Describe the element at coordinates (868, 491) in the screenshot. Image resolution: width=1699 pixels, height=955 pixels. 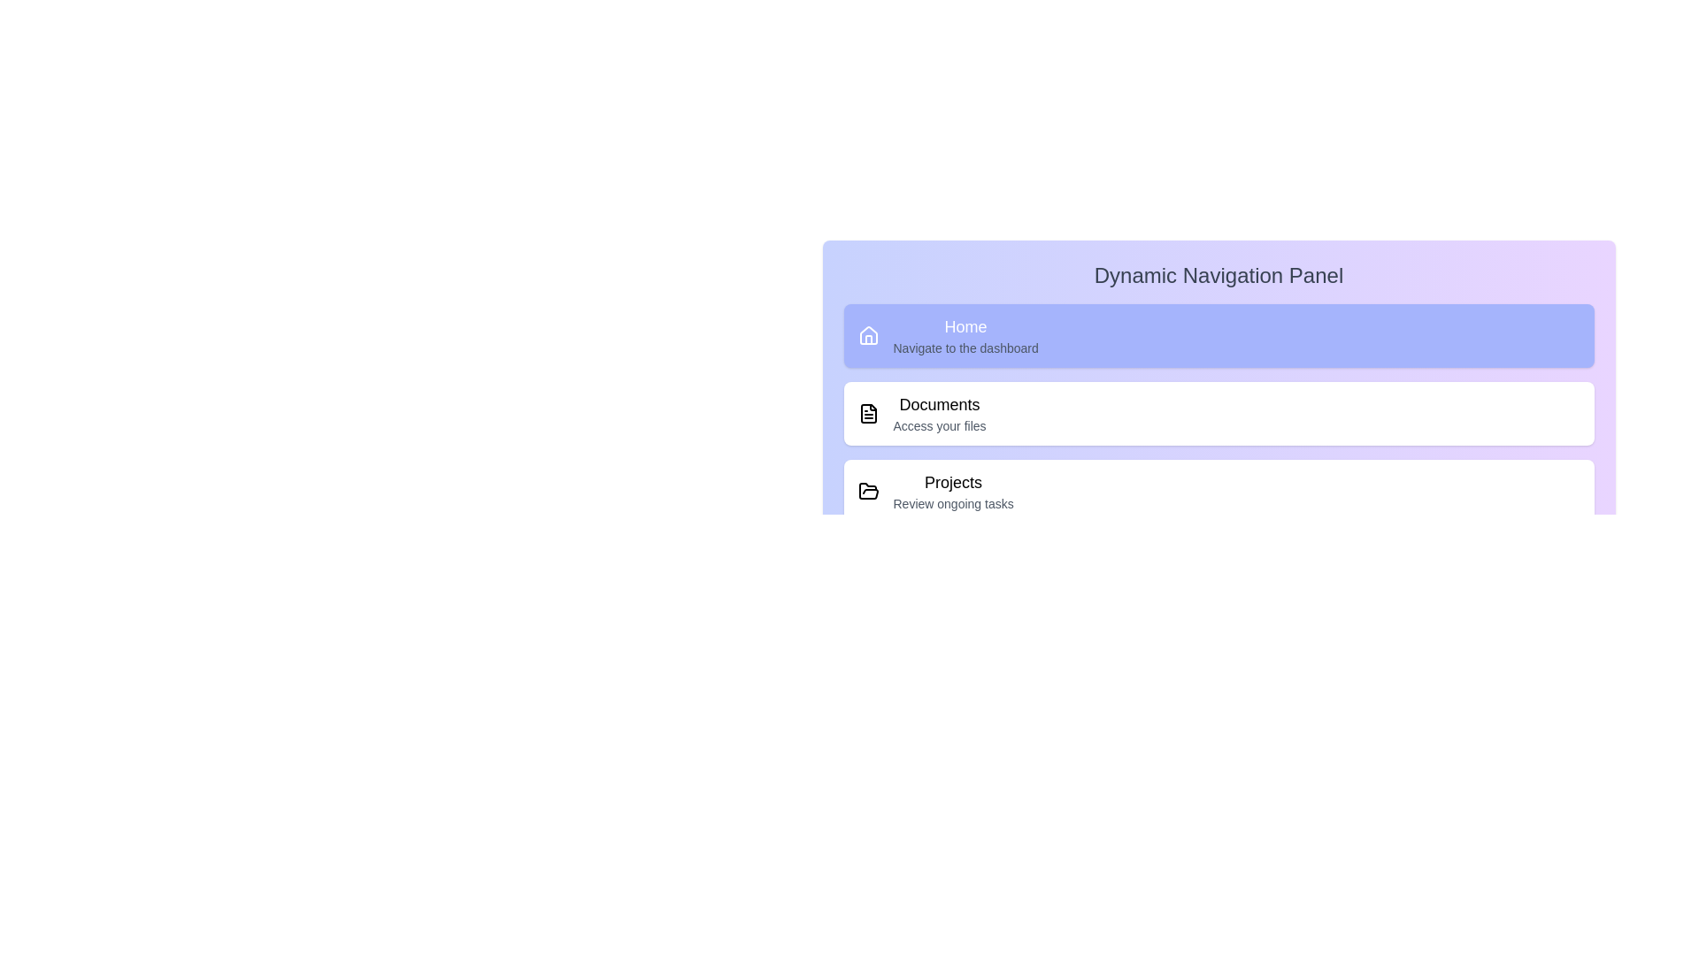
I see `the icon corresponding to Projects` at that location.